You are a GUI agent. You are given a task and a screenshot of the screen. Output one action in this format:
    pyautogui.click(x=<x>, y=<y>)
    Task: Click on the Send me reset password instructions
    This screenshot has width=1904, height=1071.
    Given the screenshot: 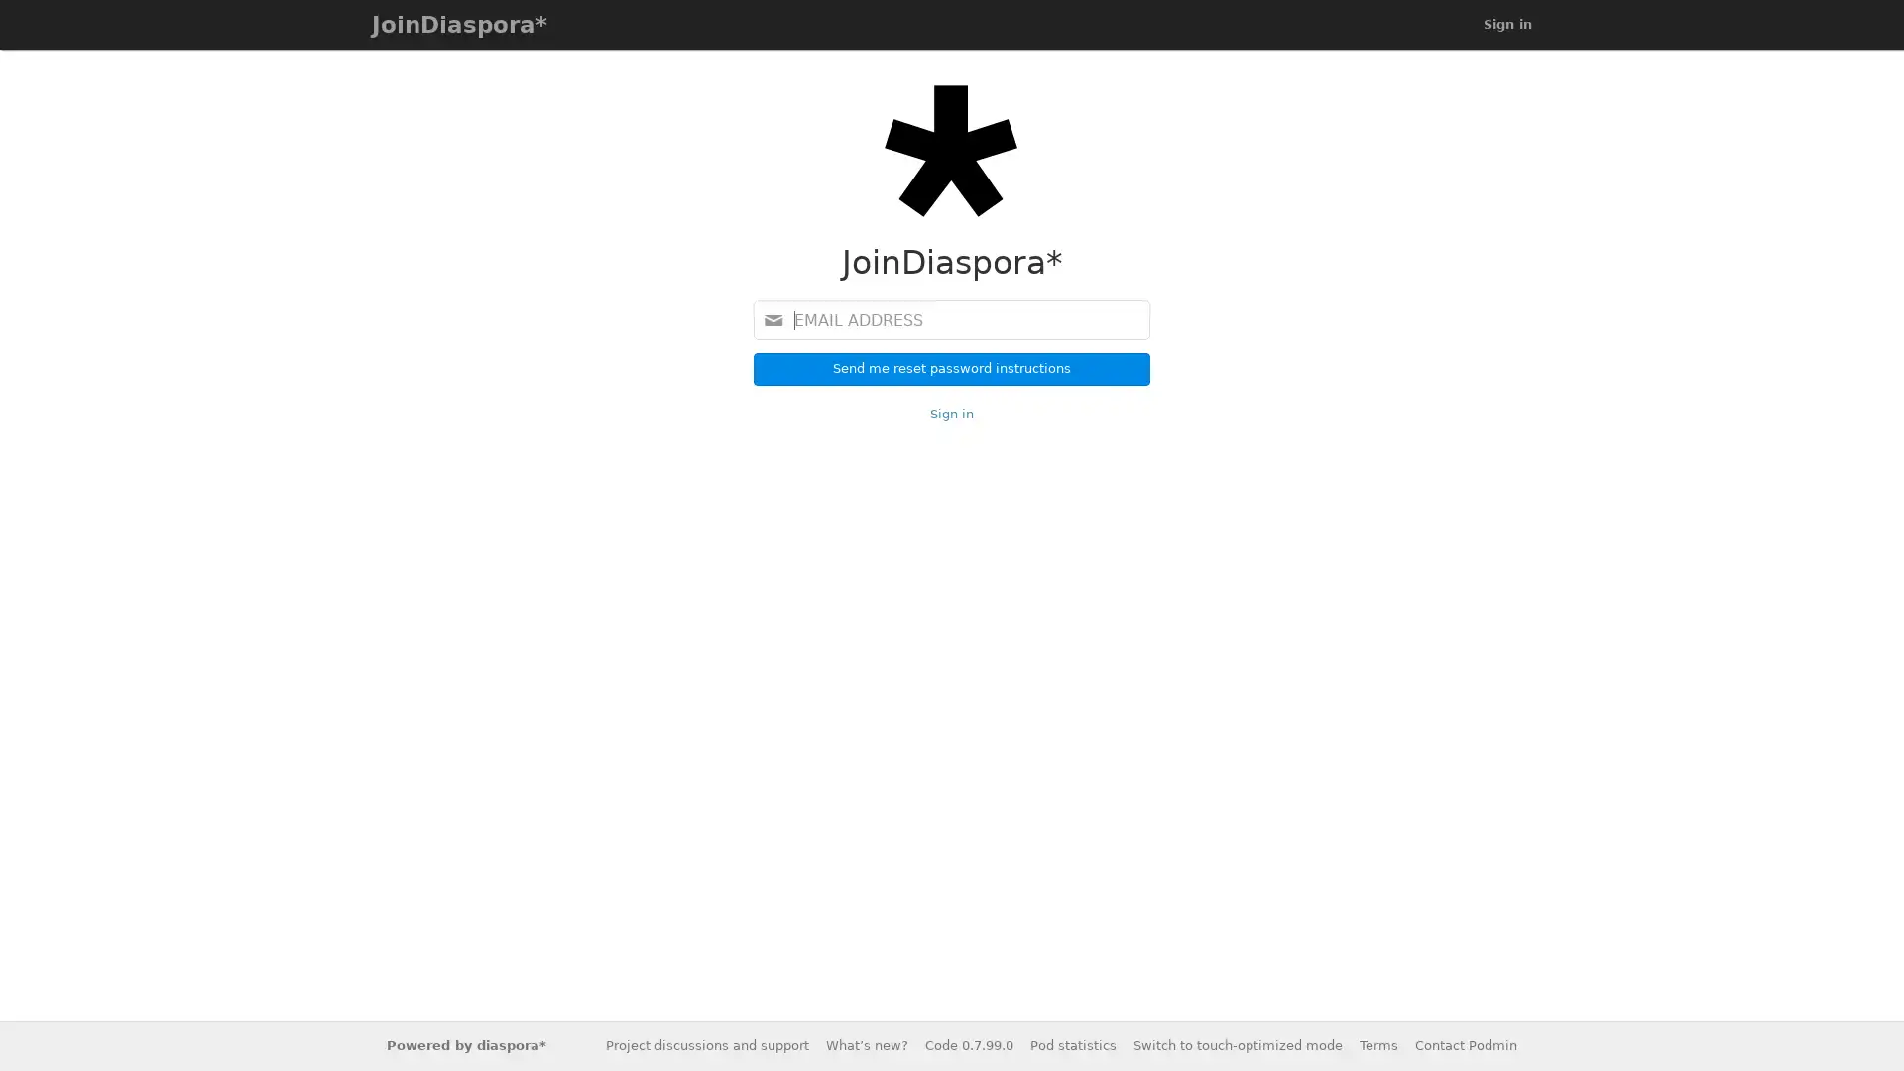 What is the action you would take?
    pyautogui.click(x=952, y=368)
    